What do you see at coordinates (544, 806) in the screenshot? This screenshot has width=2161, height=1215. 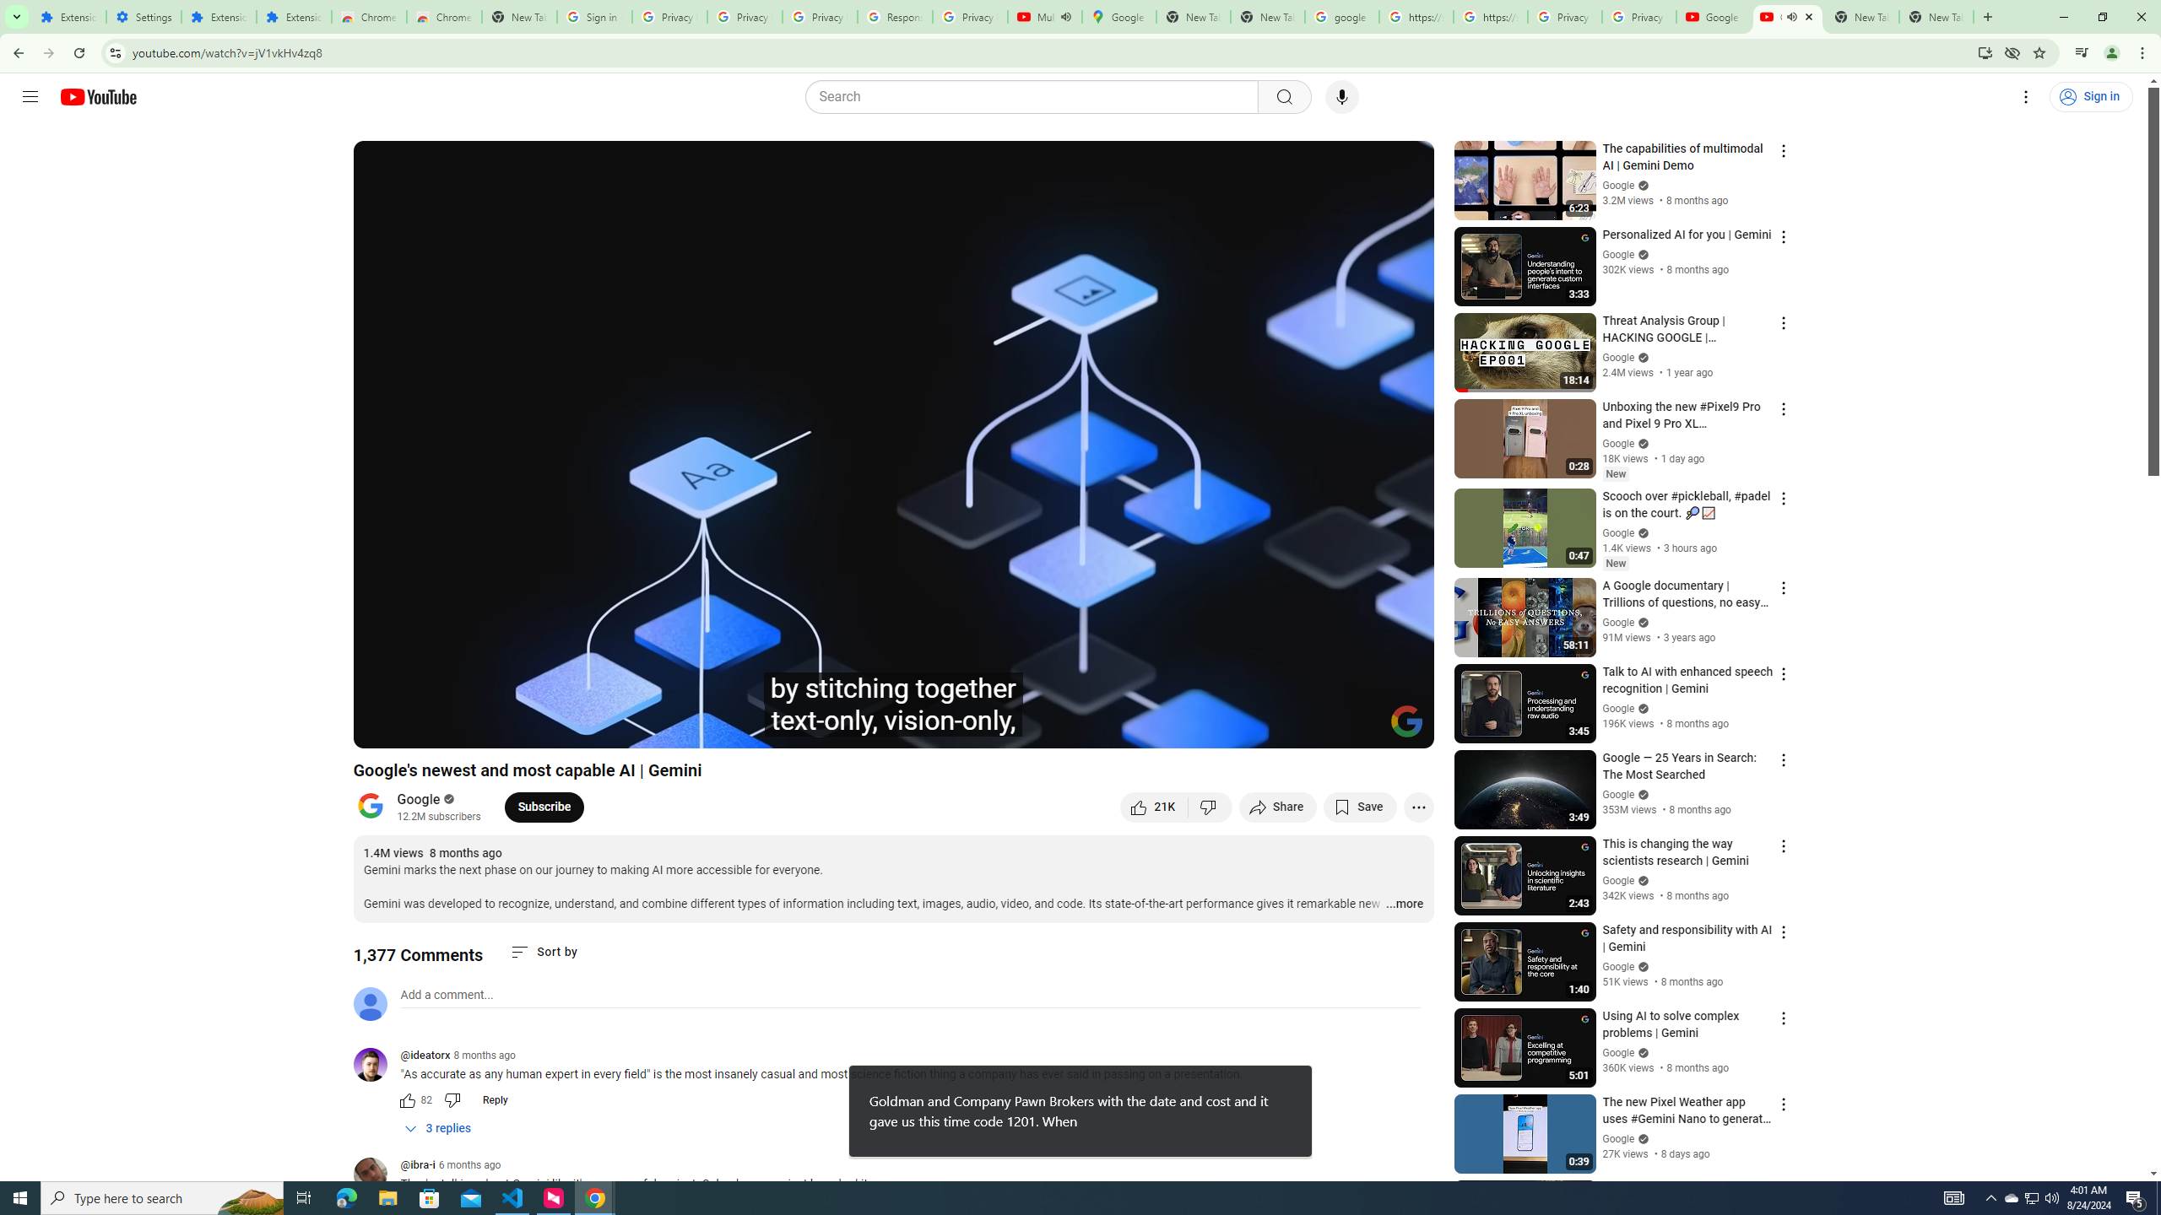 I see `'Subscribe to Google.'` at bounding box center [544, 806].